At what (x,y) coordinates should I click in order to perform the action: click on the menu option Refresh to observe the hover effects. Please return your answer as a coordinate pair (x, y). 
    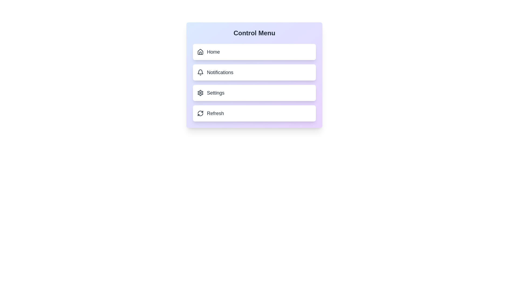
    Looking at the image, I should click on (254, 113).